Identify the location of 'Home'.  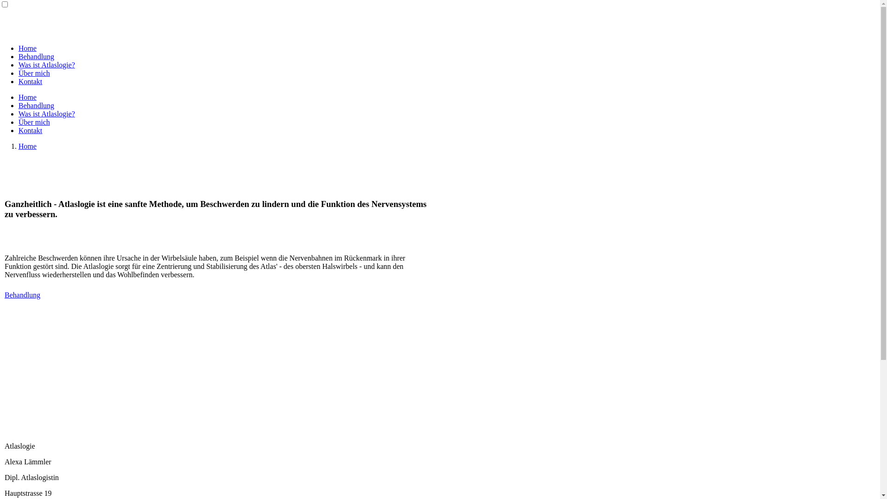
(27, 48).